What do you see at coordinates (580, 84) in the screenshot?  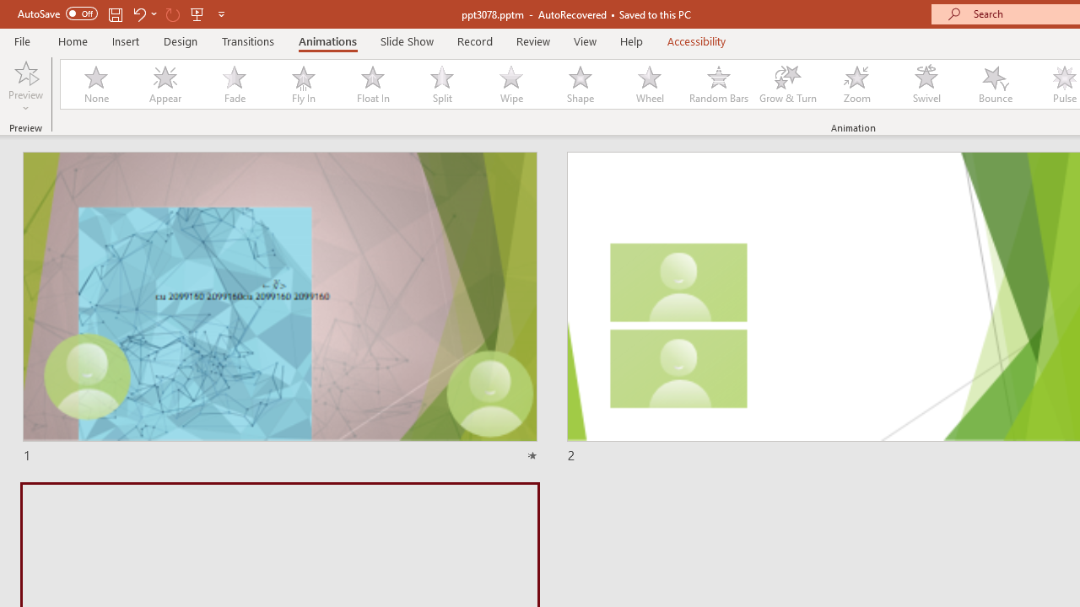 I see `'Shape'` at bounding box center [580, 84].